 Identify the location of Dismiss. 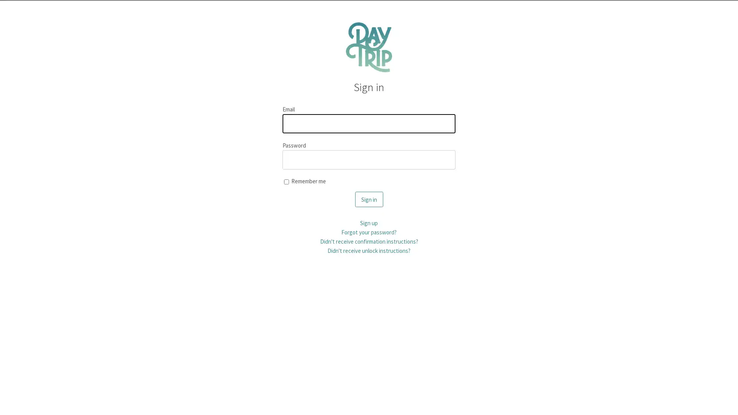
(730, 7).